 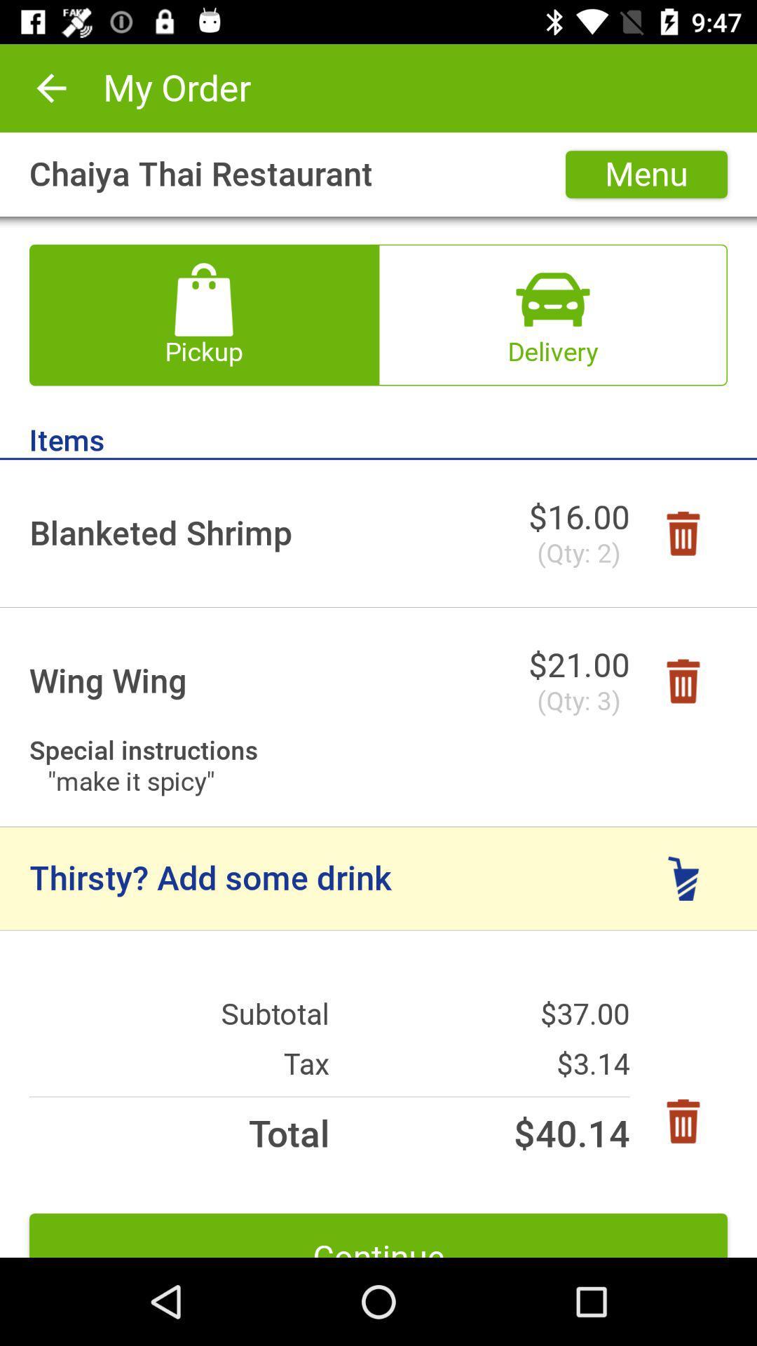 What do you see at coordinates (50, 87) in the screenshot?
I see `the icon next to my order` at bounding box center [50, 87].